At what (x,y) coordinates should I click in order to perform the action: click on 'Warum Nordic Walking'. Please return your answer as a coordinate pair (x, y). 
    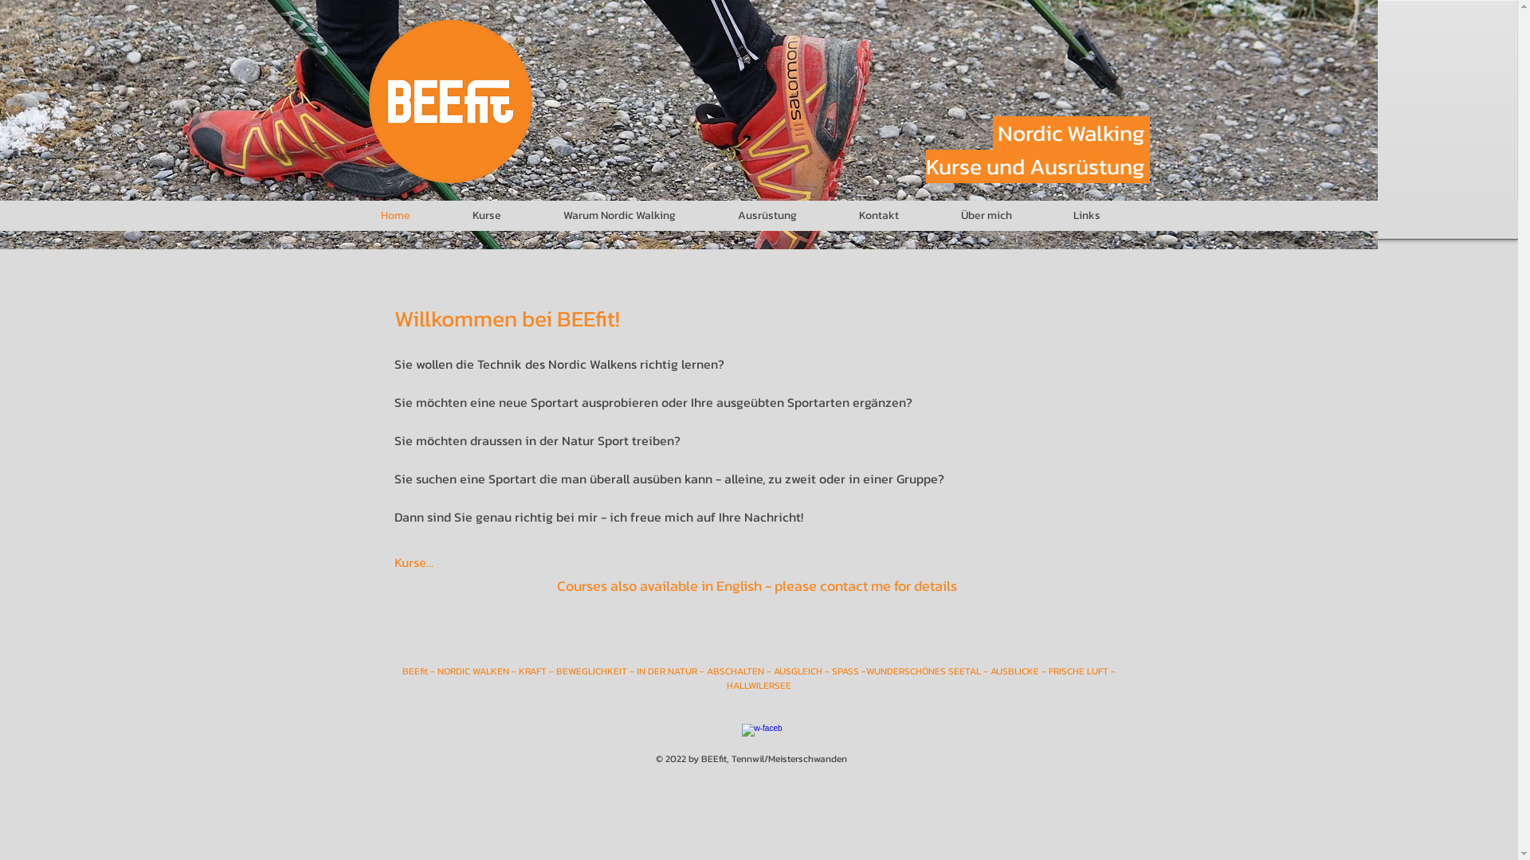
    Looking at the image, I should click on (638, 215).